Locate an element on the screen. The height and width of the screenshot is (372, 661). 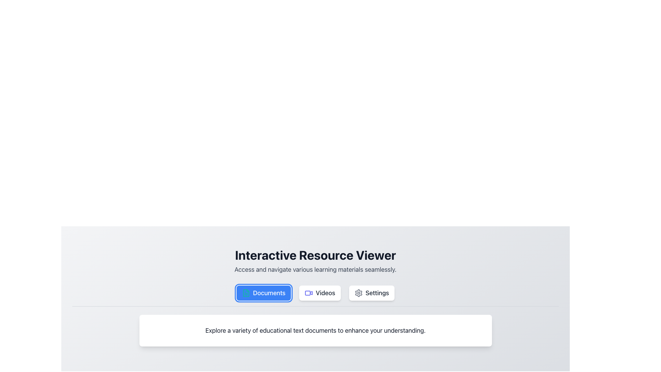
the 'Settings' button, which is the third button from the left in a group of similar buttons, featuring a gear icon, gray text, and a white background is located at coordinates (371, 293).